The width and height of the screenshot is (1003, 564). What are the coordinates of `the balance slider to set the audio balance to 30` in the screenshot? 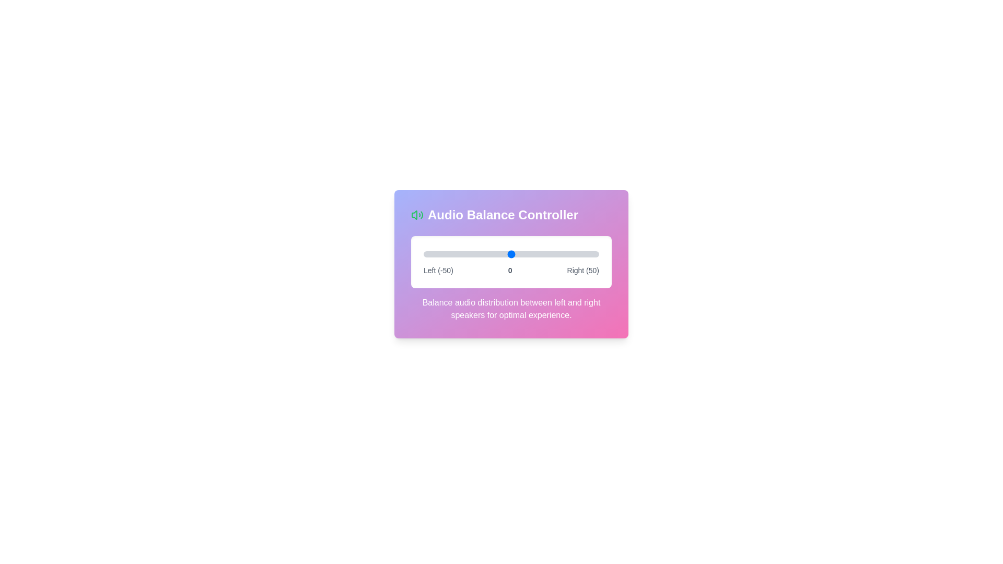 It's located at (563, 254).